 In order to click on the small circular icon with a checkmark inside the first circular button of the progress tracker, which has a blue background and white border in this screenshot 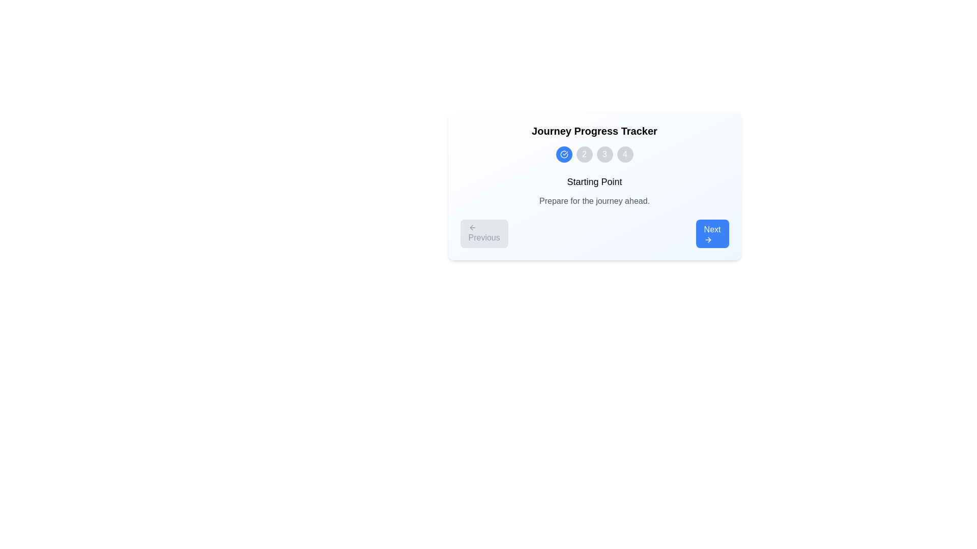, I will do `click(563, 155)`.